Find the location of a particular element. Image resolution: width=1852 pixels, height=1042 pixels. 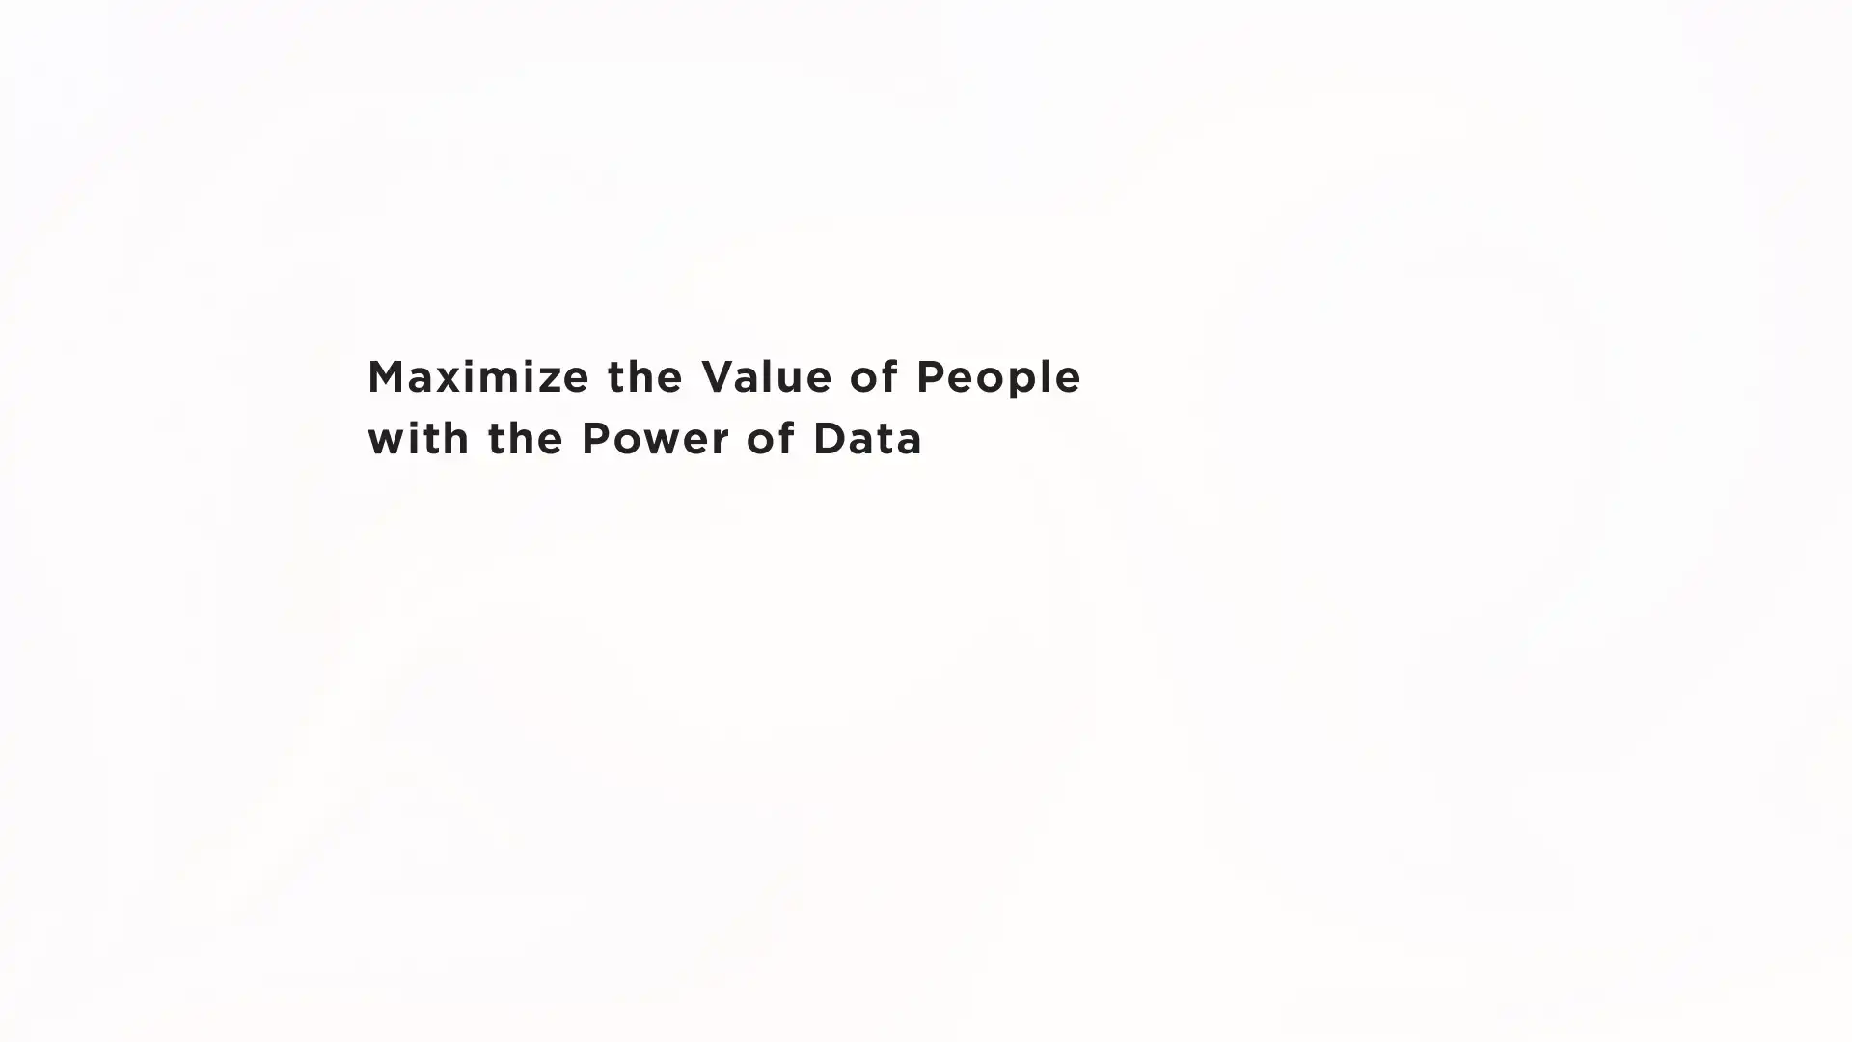

JP is located at coordinates (1472, 58).